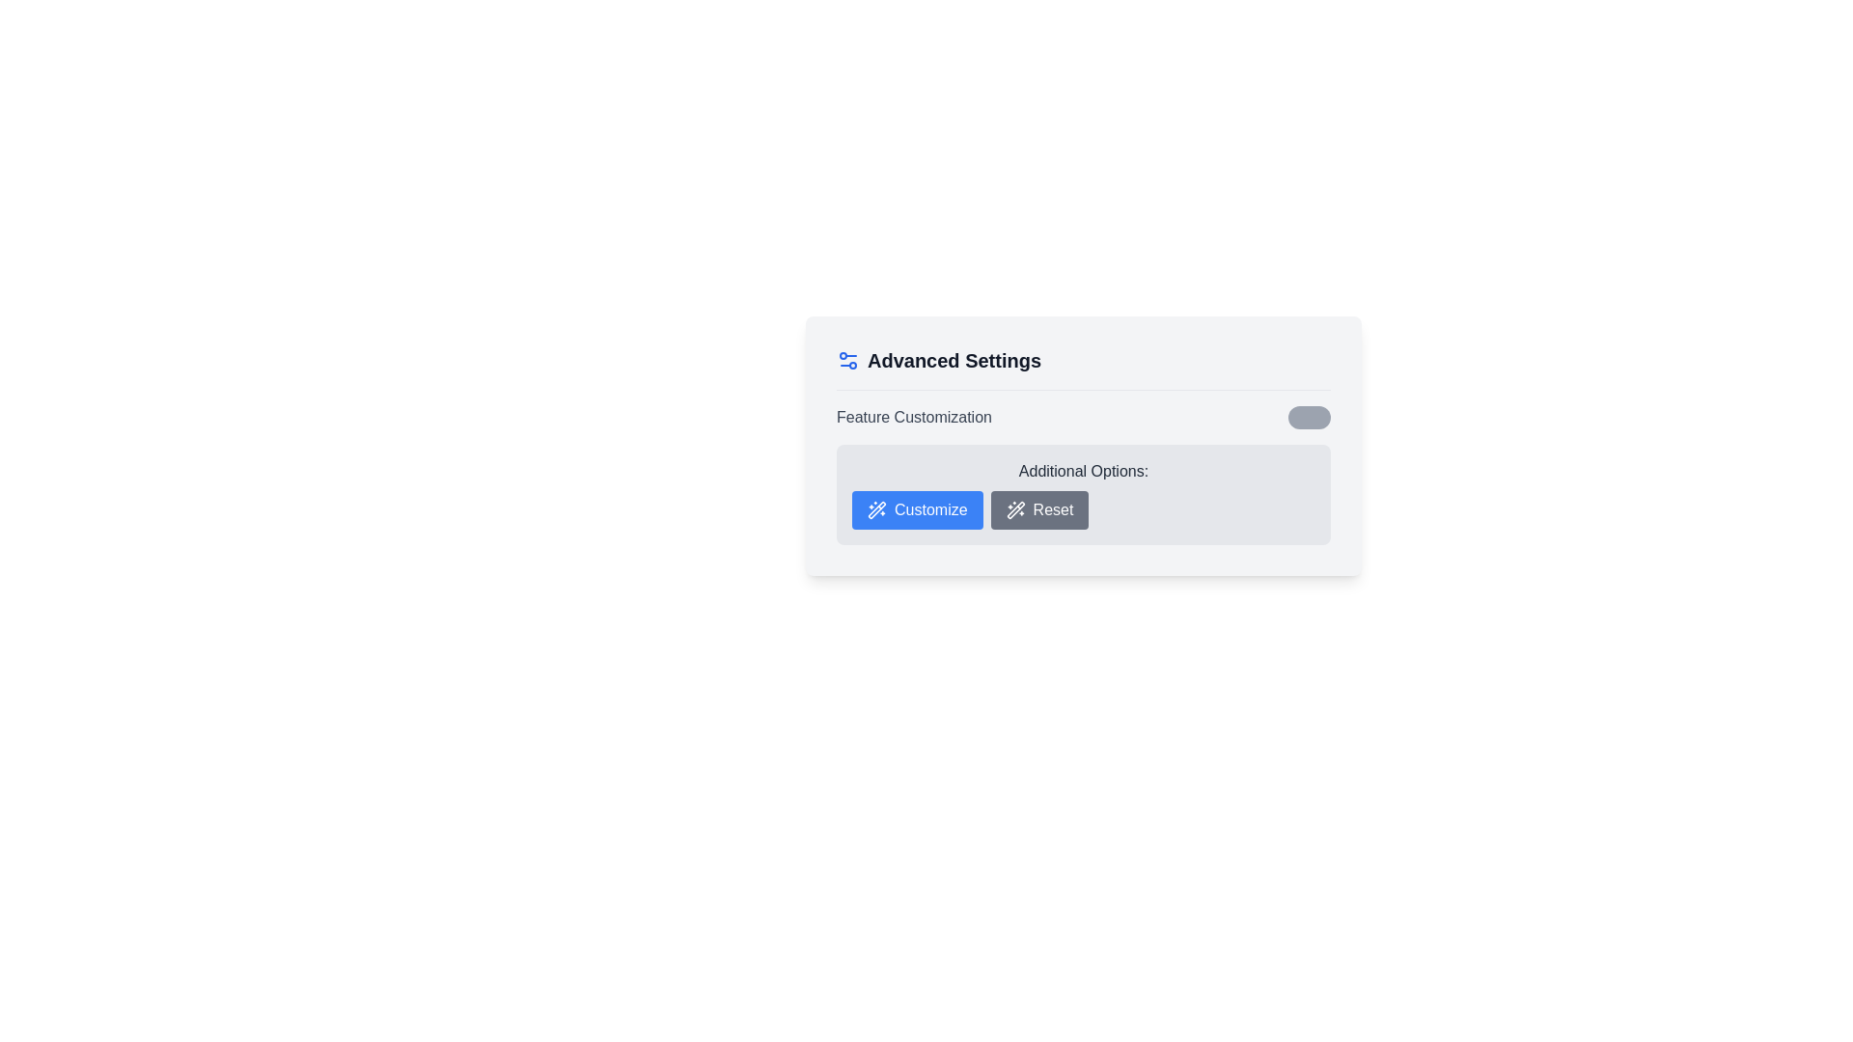 This screenshot has width=1853, height=1042. What do you see at coordinates (1310, 416) in the screenshot?
I see `the toggle switch styled as a rounded rectangle with a circular knob, located in the 'Feature Customization' row in 'Advanced Settings'` at bounding box center [1310, 416].